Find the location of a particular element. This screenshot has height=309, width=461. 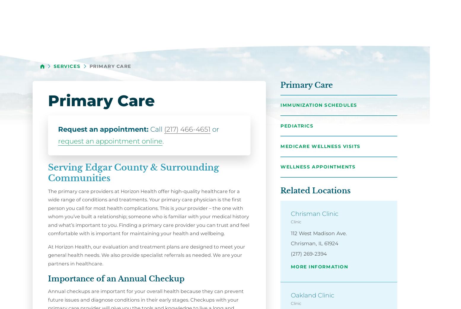

'Related Locations' is located at coordinates (315, 190).